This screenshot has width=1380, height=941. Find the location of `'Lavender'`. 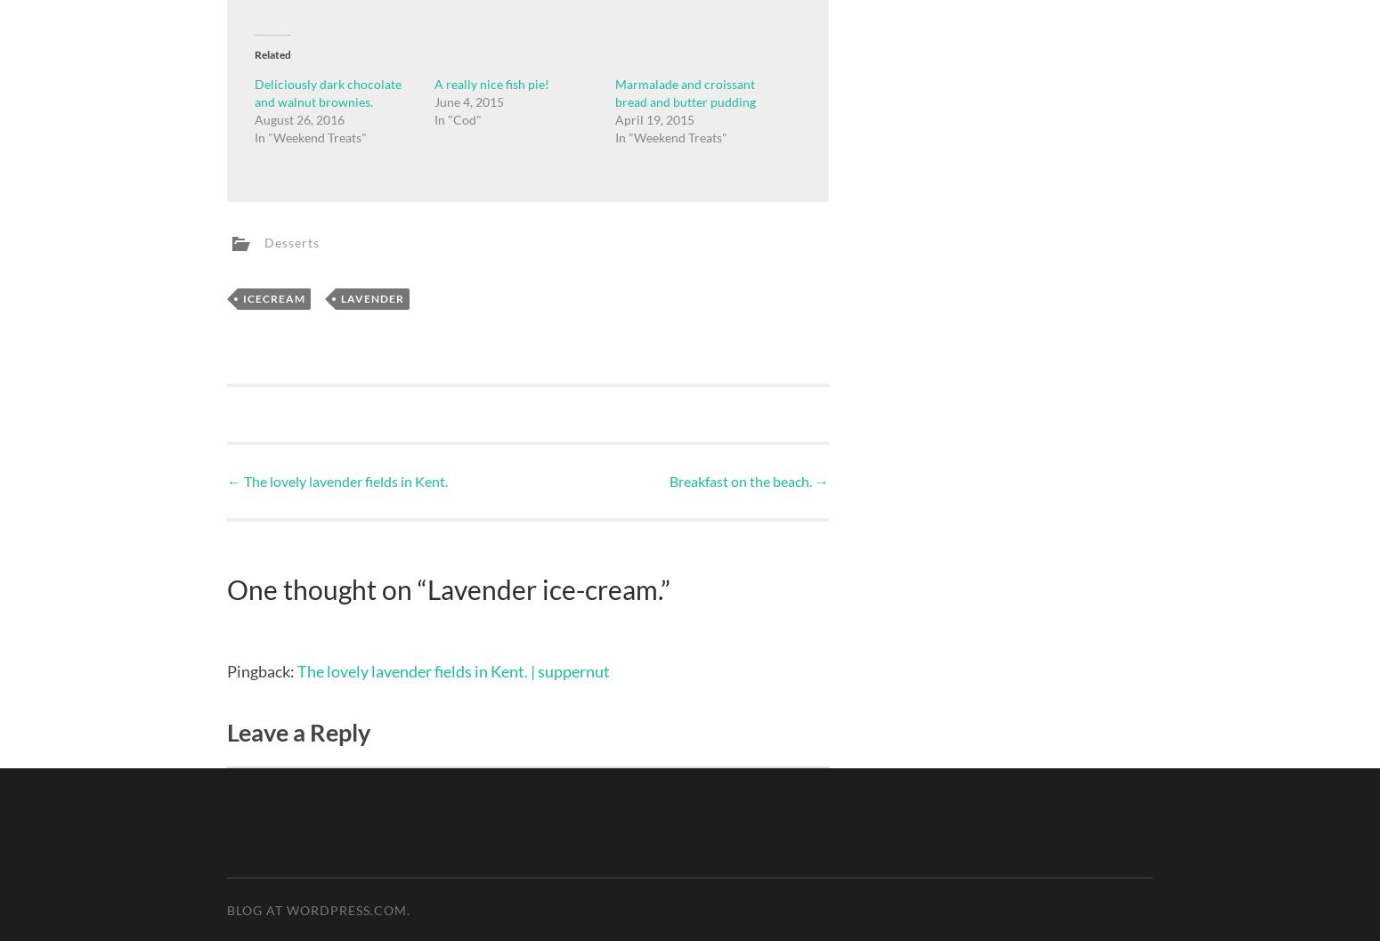

'Lavender' is located at coordinates (340, 297).